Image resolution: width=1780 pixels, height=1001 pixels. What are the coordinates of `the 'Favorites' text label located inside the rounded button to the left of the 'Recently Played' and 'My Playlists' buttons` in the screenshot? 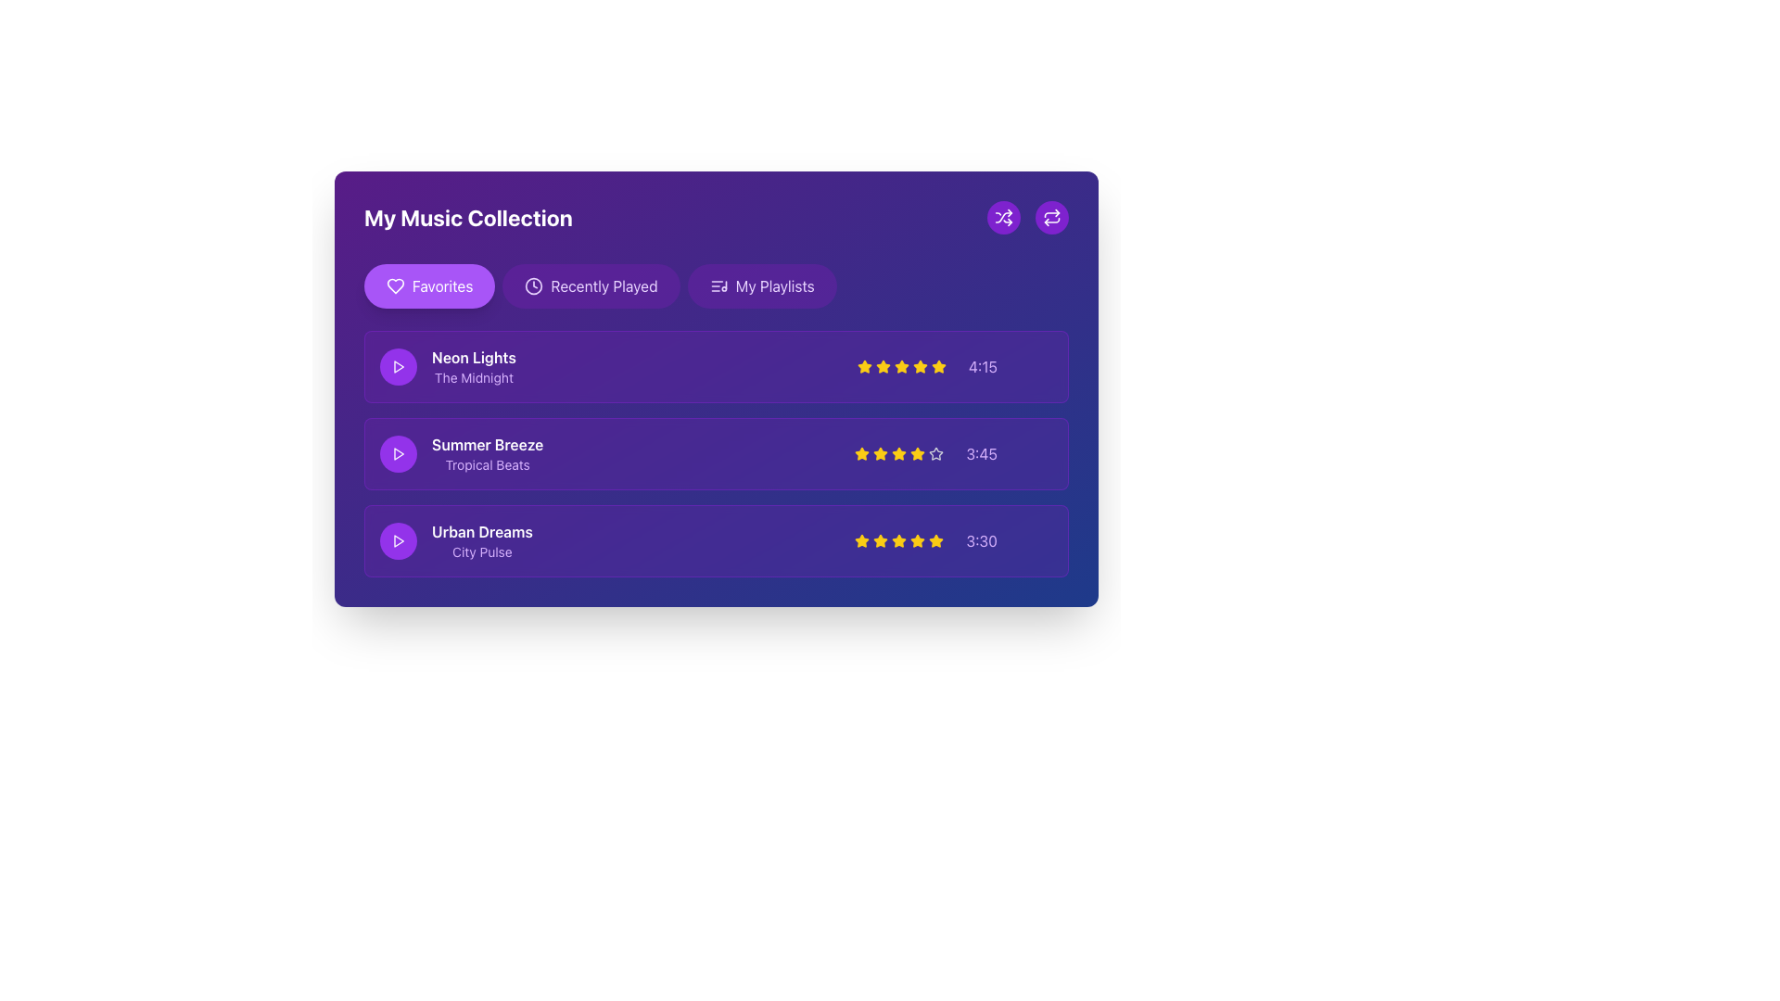 It's located at (441, 285).